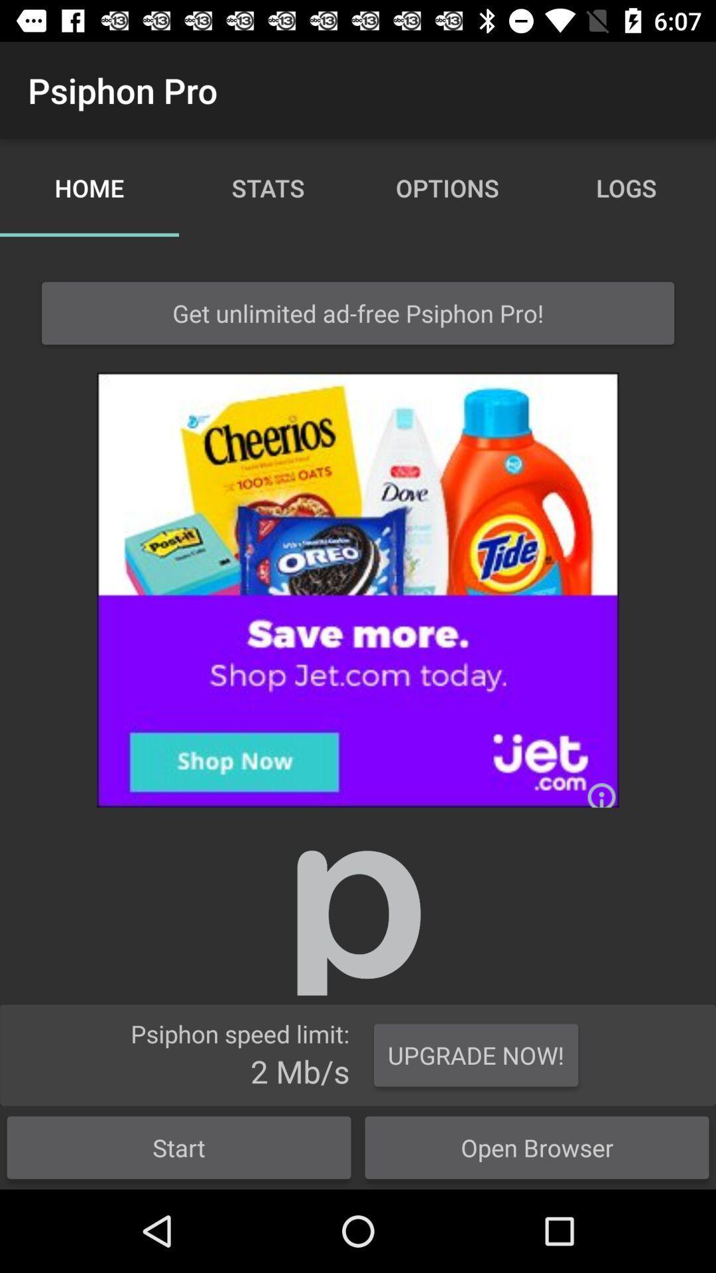  What do you see at coordinates (358, 589) in the screenshot?
I see `advertisement` at bounding box center [358, 589].